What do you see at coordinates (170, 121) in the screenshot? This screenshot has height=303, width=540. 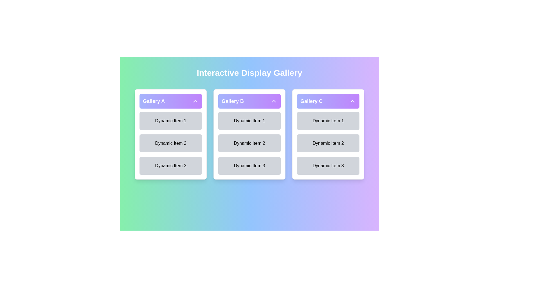 I see `the first button-like item in the 'Gallery A' section` at bounding box center [170, 121].